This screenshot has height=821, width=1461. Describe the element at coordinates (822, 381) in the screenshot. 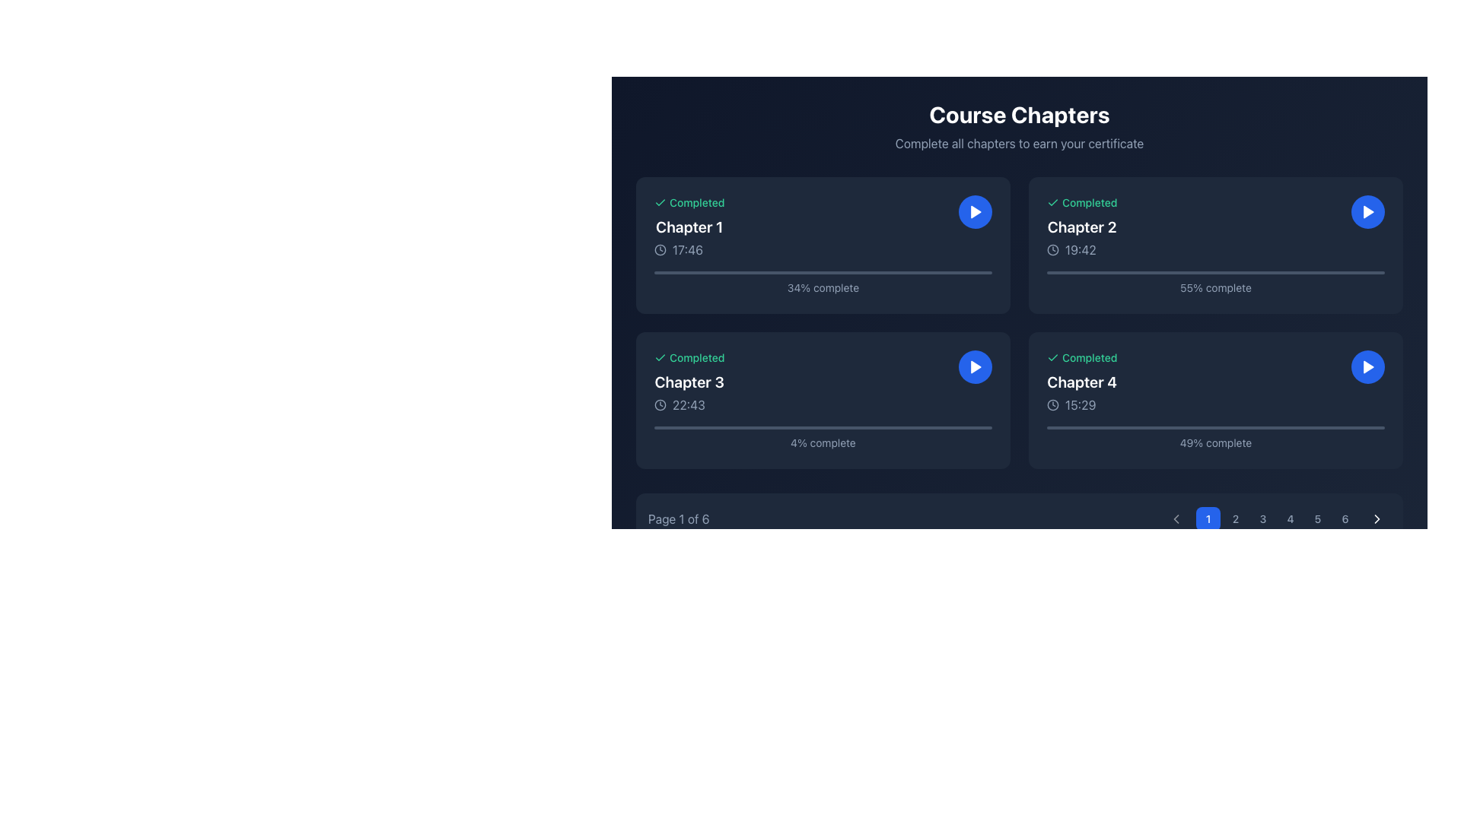

I see `the contents of the informational card displaying Chapter 3 details, located in the bottom-left position of a grid of course module cards` at that location.